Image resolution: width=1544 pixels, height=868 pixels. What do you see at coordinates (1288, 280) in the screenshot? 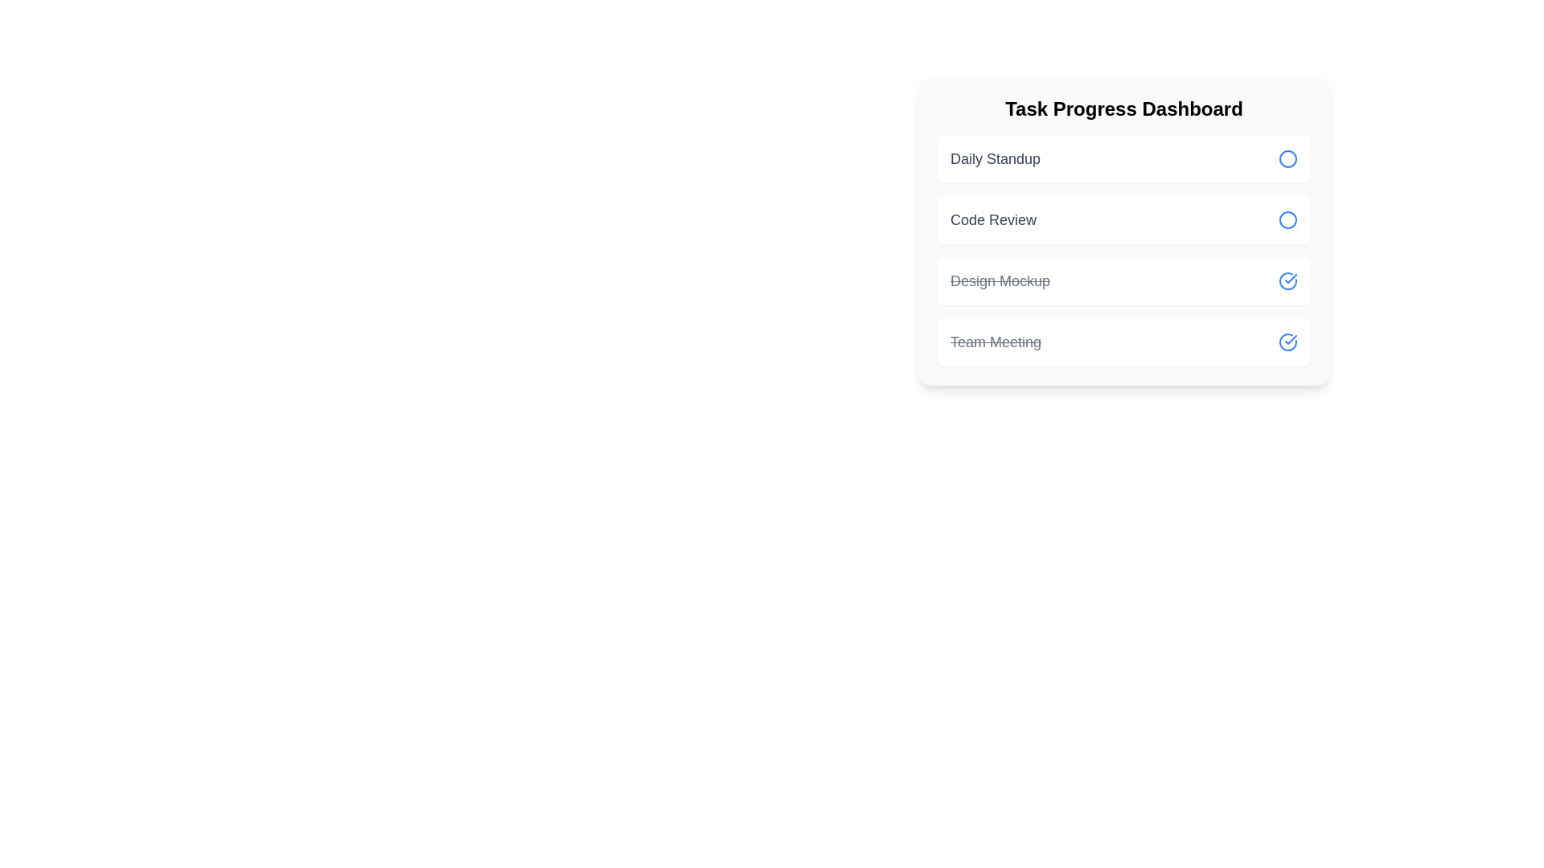
I see `the circular blue checkmark button located at the right side of the 'Design Mockup' row in the 'Task Progress Dashboard'` at bounding box center [1288, 280].